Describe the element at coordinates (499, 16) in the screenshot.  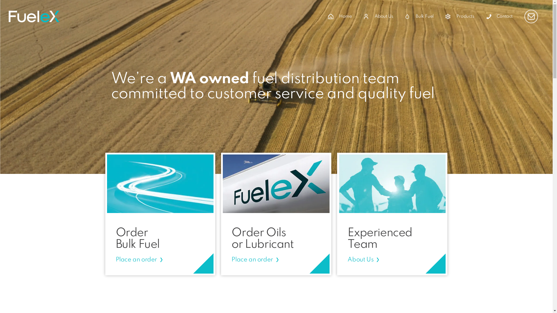
I see `'  Contact'` at that location.